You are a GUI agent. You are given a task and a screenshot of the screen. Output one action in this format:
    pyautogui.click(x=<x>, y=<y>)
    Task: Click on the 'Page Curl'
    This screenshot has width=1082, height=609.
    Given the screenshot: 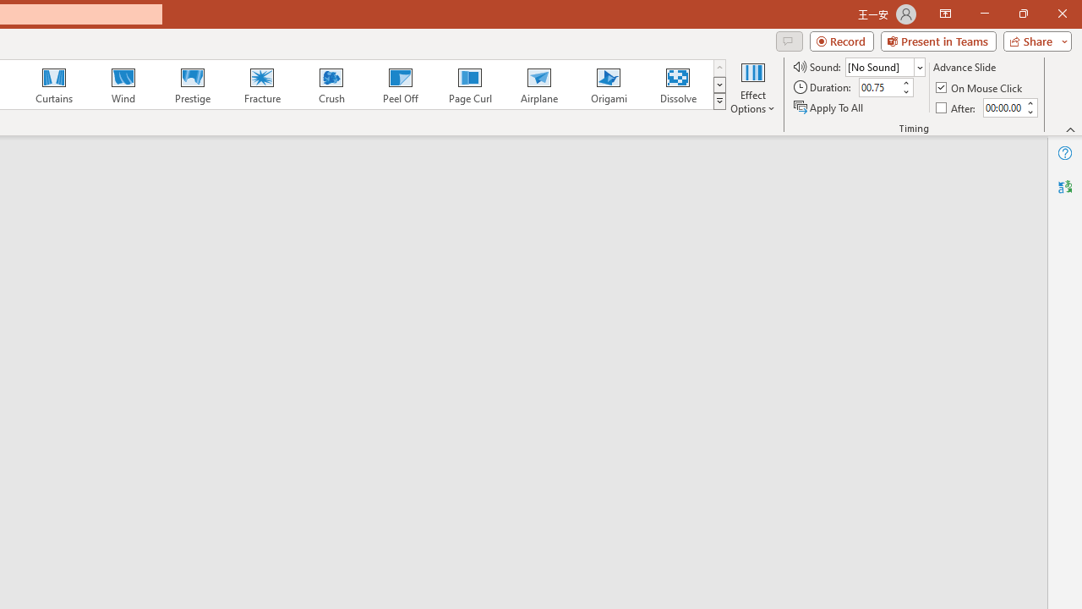 What is the action you would take?
    pyautogui.click(x=469, y=85)
    